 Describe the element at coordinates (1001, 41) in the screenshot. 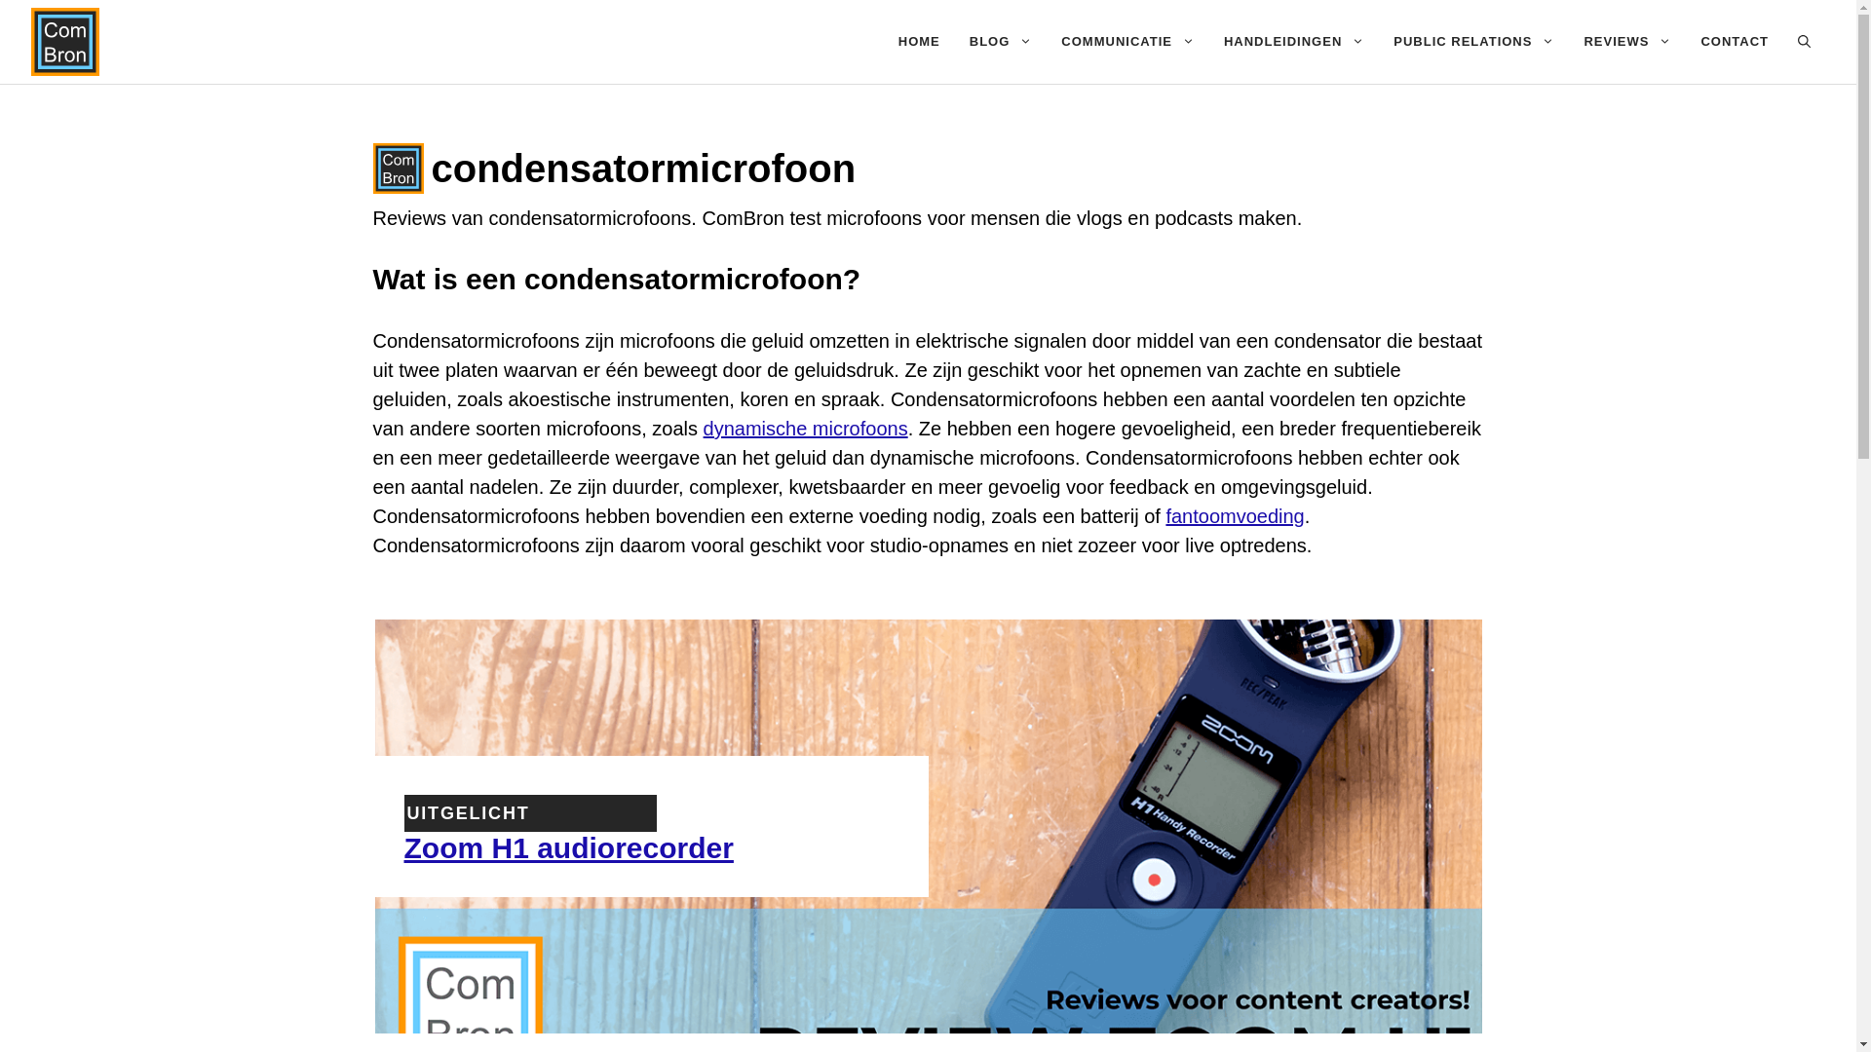

I see `'BLOG'` at that location.